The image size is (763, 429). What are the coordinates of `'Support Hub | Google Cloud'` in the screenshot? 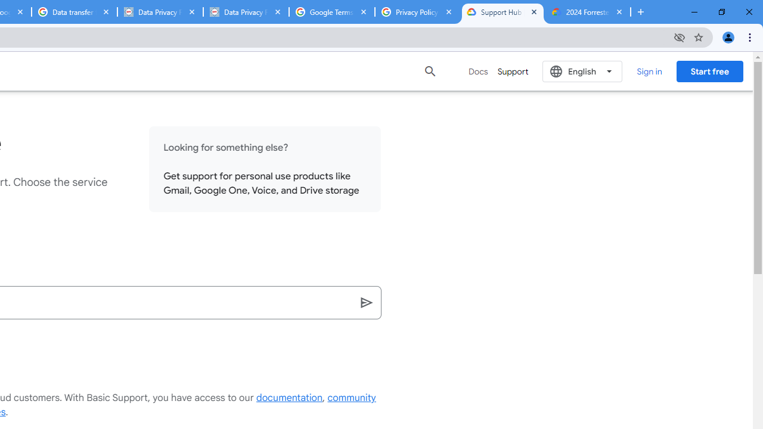 It's located at (503, 12).